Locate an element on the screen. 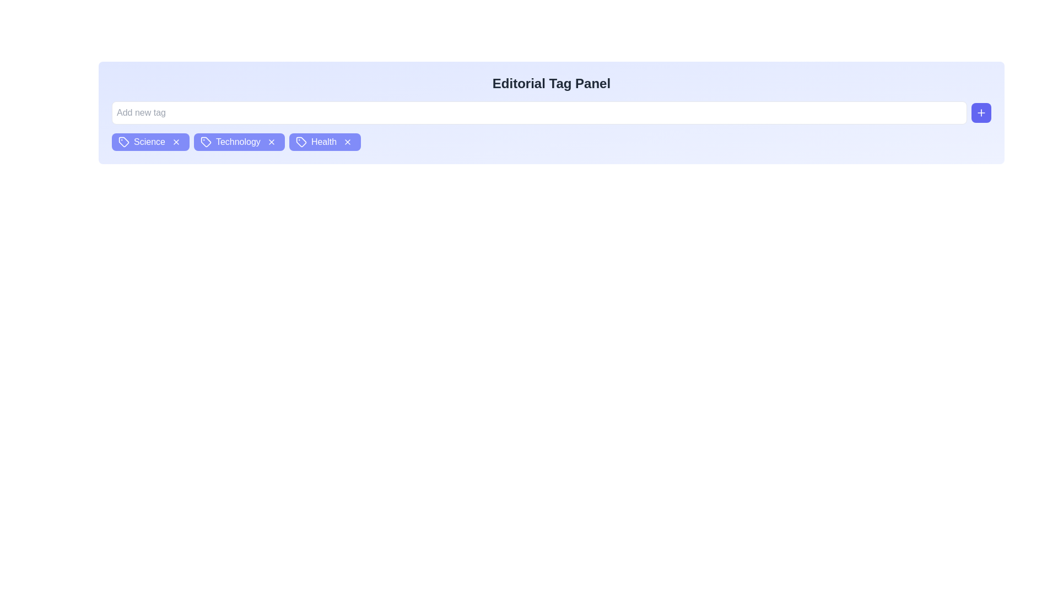 This screenshot has height=595, width=1058. the input field of the composite UI component for adding a new tag, located in the 'Editorial Tag Panel' is located at coordinates (552, 112).